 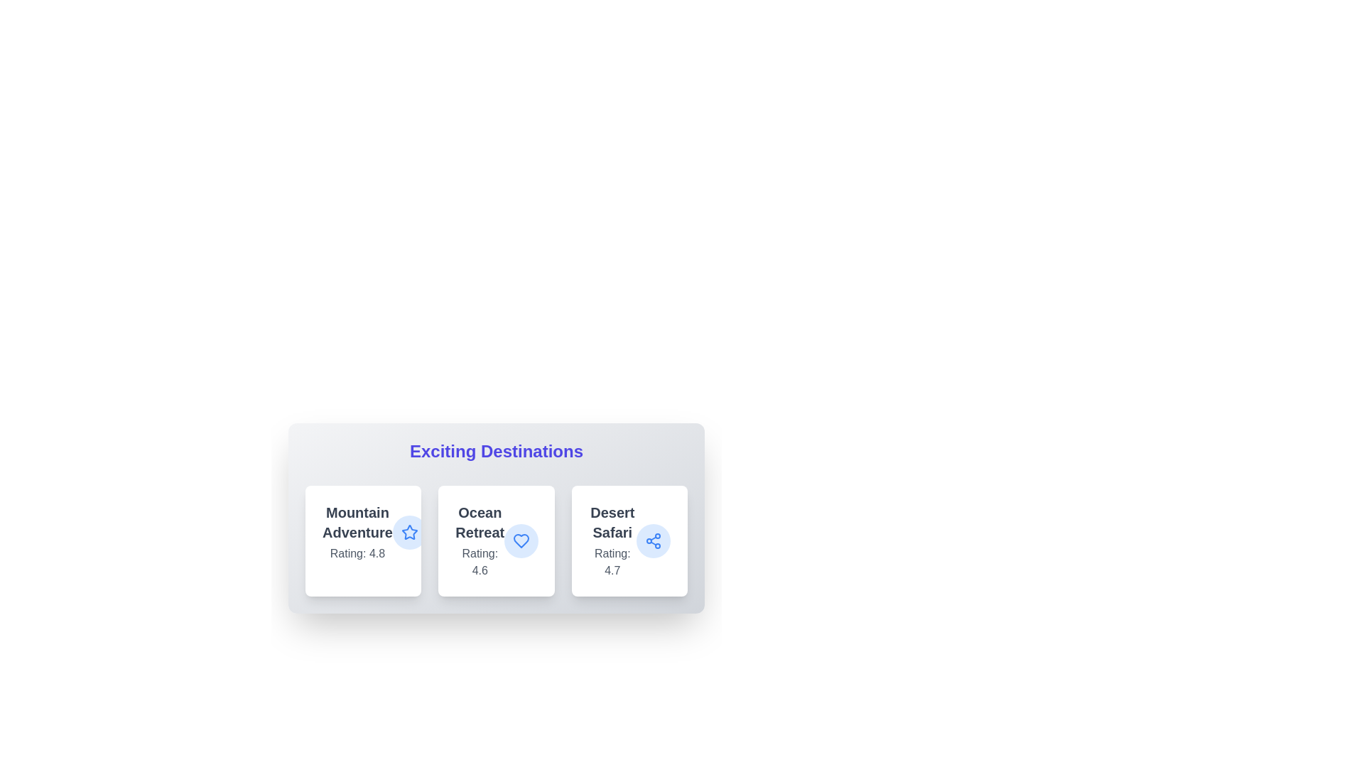 What do you see at coordinates (521, 541) in the screenshot?
I see `the icon of the card with title Ocean Retreat` at bounding box center [521, 541].